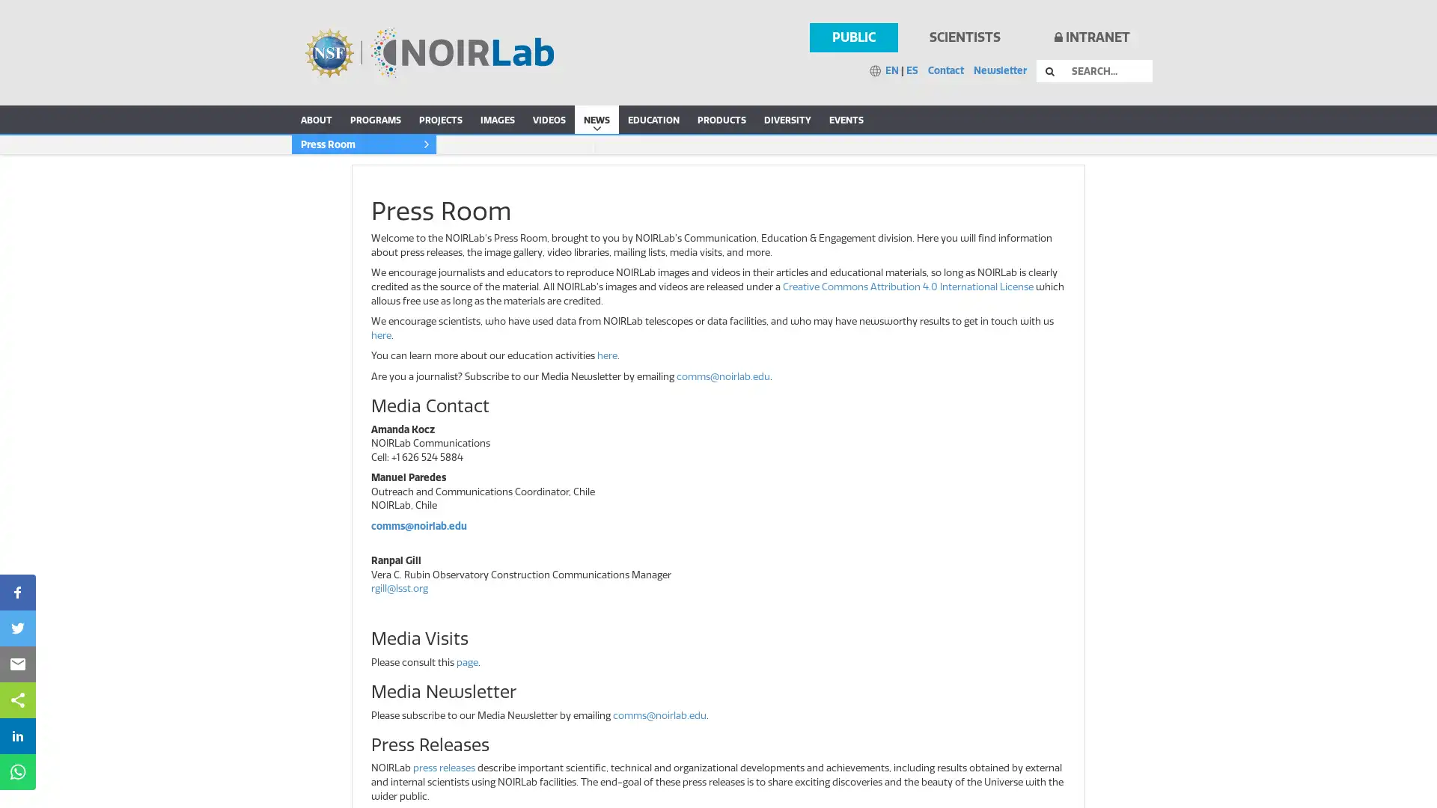  I want to click on PUBLIC, so click(853, 37).